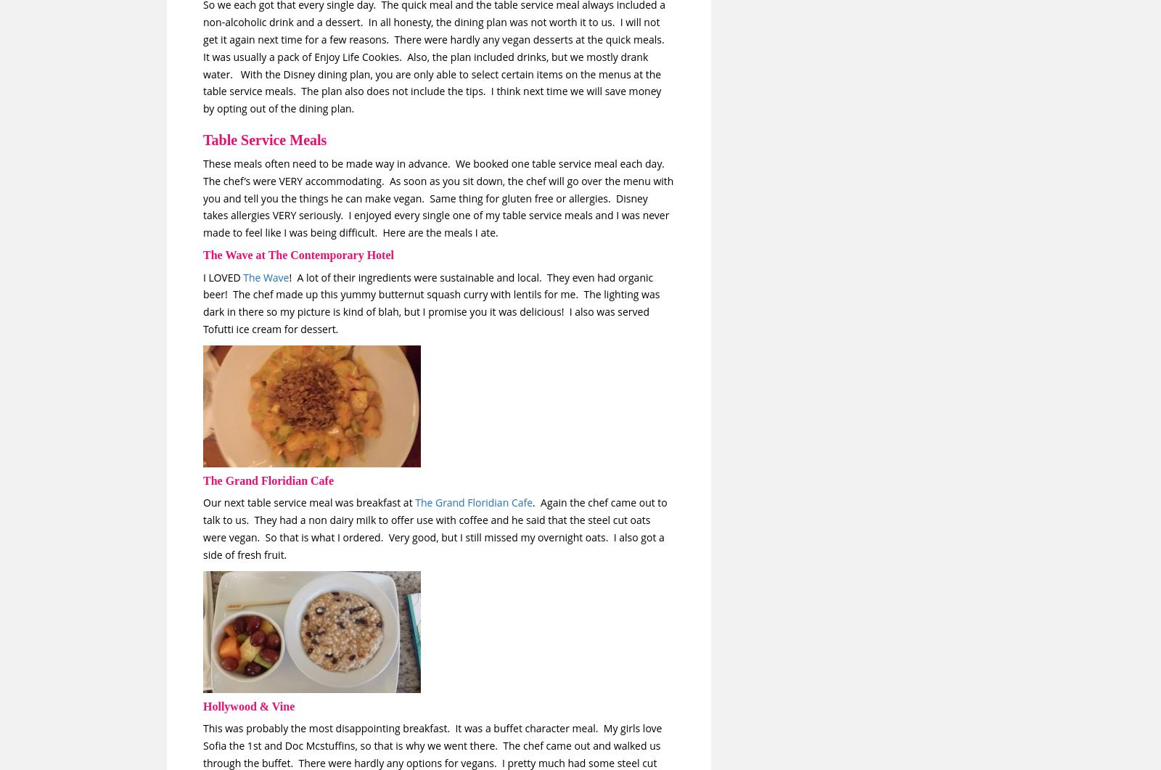 The width and height of the screenshot is (1161, 770). Describe the element at coordinates (438, 197) in the screenshot. I see `'These meals often need to be made way in advance.  We booked one table service meal each day.  The chef’s were VERY accommodating.  As soon as you sit down, the chef will go over the menu with you and tell you the things he can make vegan.  Same thing for gluten free or allergies.  Disney takes allergies VERY seriously.  I enjoyed every single one of my table service meals and I was never made to feel like I was being difficult.  Here are the meals I ate.'` at that location.